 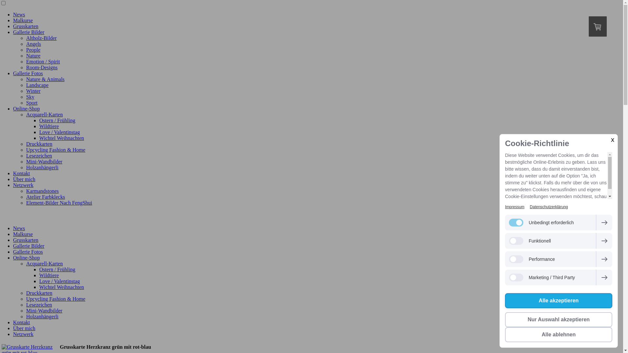 I want to click on 'Nur Auswahl akzeptieren', so click(x=558, y=319).